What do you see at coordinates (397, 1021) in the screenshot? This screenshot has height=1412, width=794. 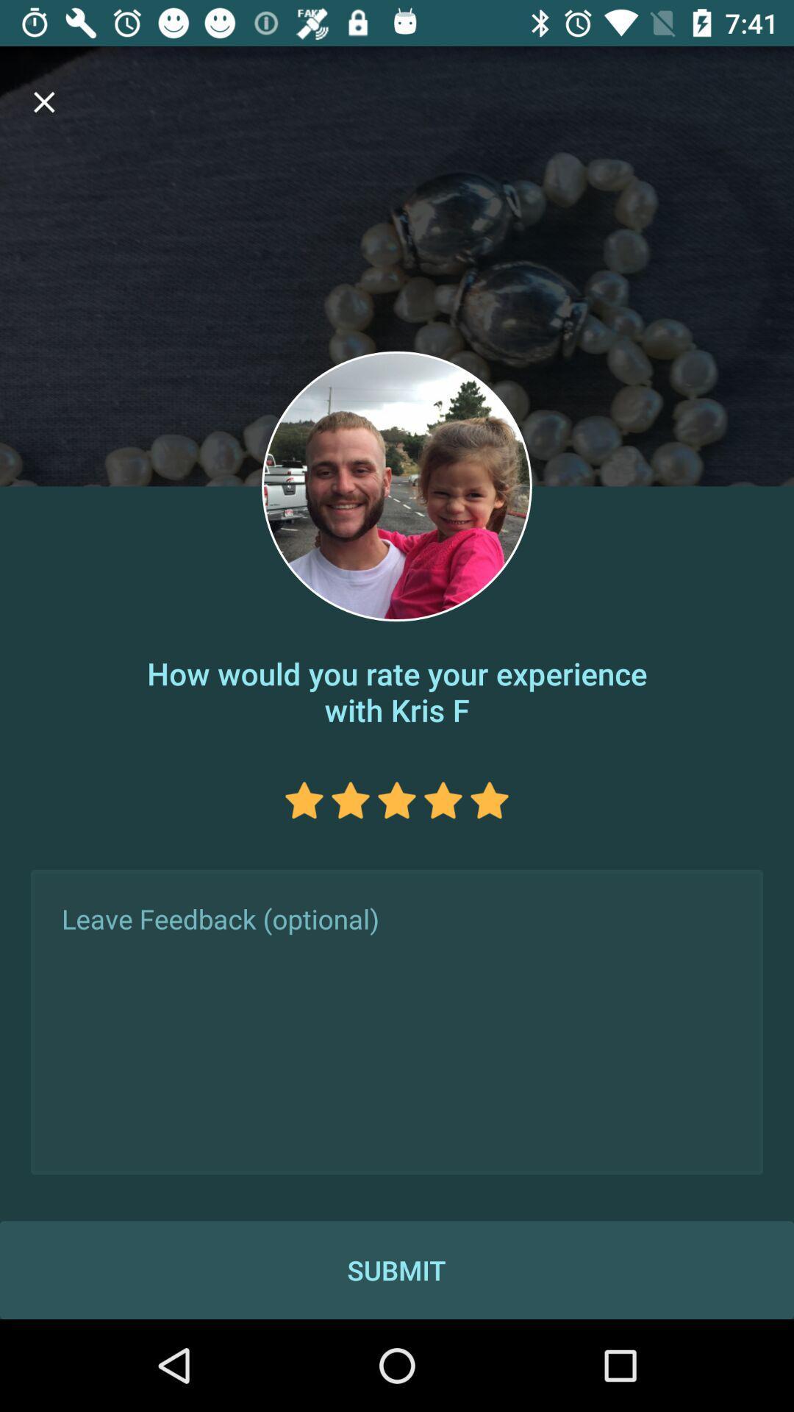 I see `feedback toggle` at bounding box center [397, 1021].